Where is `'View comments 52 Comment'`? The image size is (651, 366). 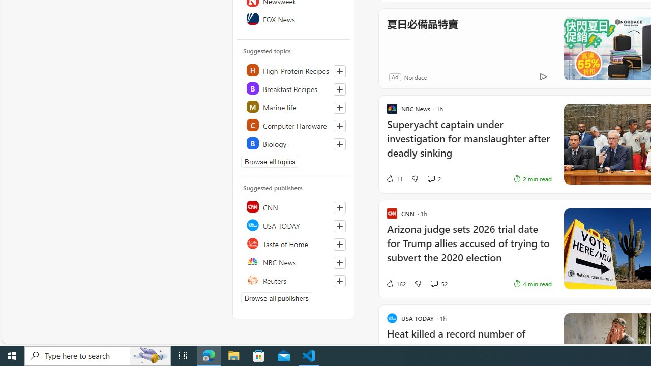 'View comments 52 Comment' is located at coordinates (438, 284).